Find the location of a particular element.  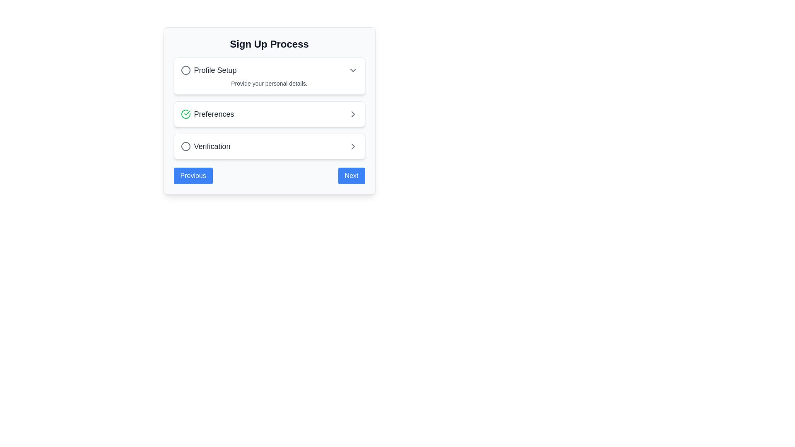

the Text label in the 'Preferences' options list, which indicates the current step or option in the setup process is located at coordinates (207, 114).